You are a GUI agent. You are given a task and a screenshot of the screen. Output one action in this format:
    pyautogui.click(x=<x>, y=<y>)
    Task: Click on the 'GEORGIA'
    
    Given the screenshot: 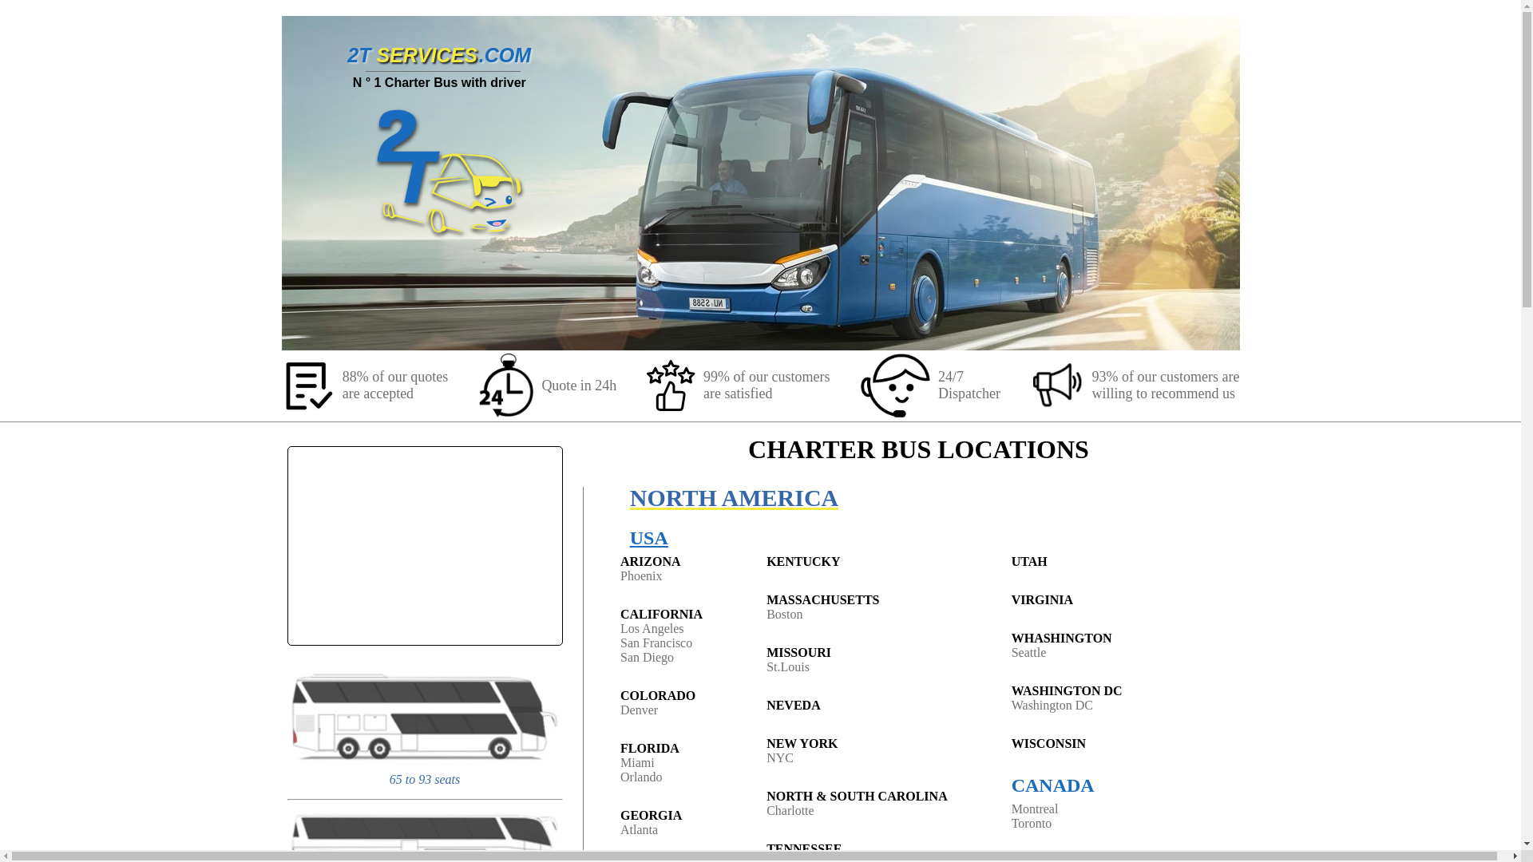 What is the action you would take?
    pyautogui.click(x=651, y=815)
    